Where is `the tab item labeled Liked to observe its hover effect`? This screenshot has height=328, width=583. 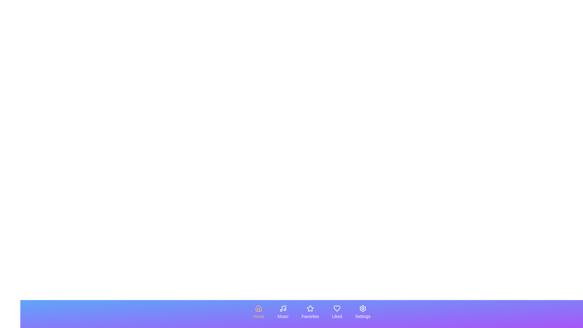 the tab item labeled Liked to observe its hover effect is located at coordinates (336, 312).